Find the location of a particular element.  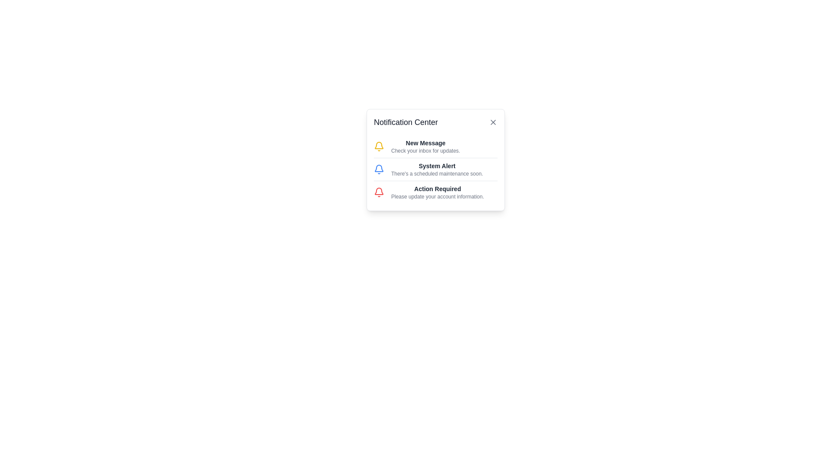

the second notification item within the 'Notification Center' dialog box, which contains a blue bell icon and the text 'There's a scheduled maintenance soon.' is located at coordinates (436, 160).